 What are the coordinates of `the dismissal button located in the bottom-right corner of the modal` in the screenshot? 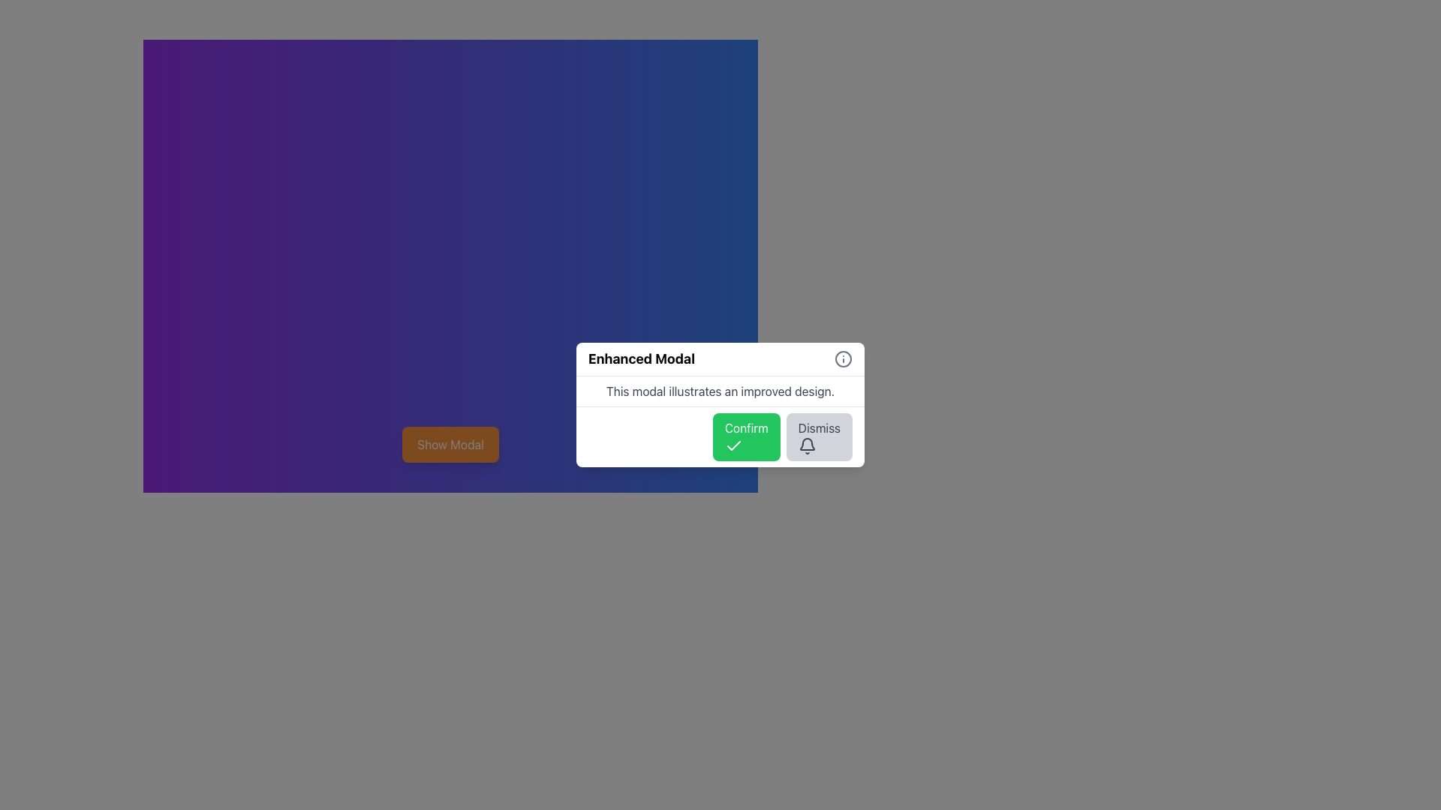 It's located at (818, 436).